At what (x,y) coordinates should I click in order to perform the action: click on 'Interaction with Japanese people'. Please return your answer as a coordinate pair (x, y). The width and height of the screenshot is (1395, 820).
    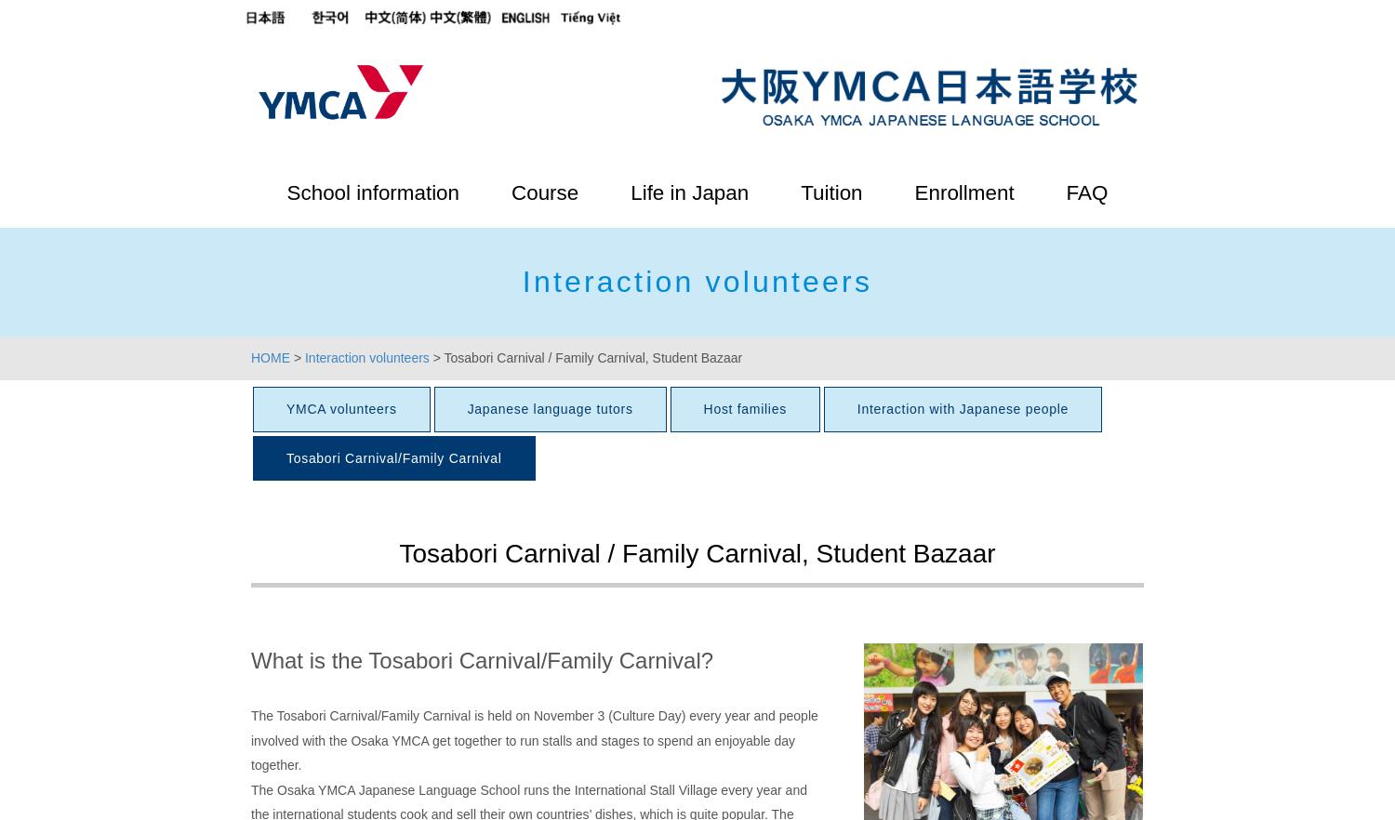
    Looking at the image, I should click on (962, 406).